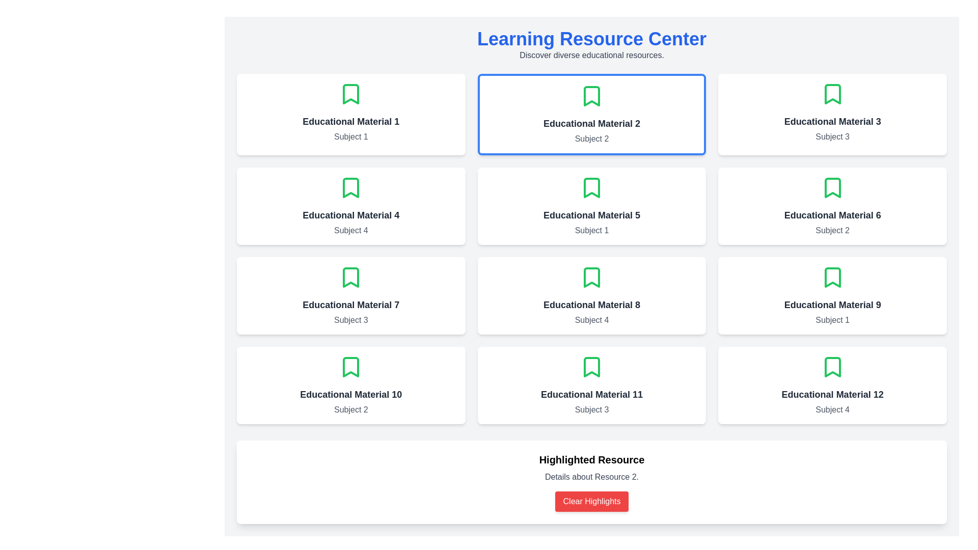  Describe the element at coordinates (351, 121) in the screenshot. I see `the bold, centered static text label reading 'Educational Material 1' which is styled in a large gray font and located in the top-left corner of the grid layout` at that location.